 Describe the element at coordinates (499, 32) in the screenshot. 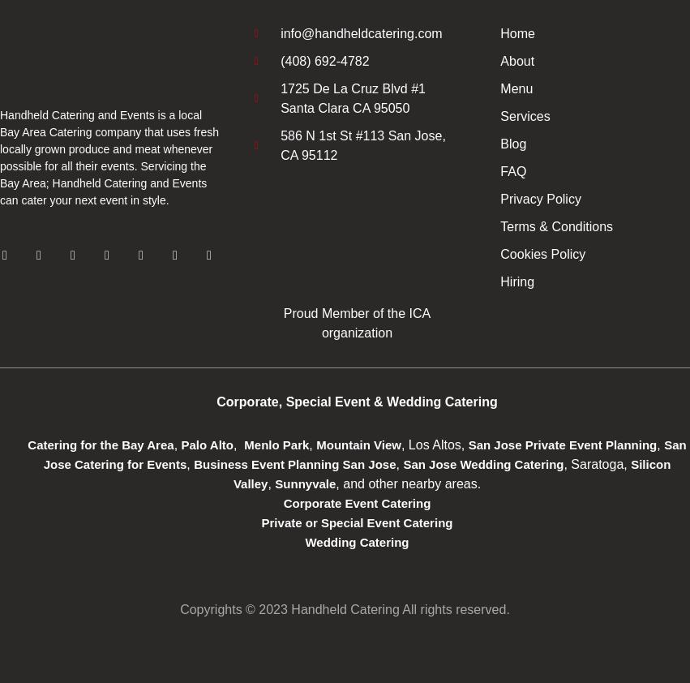

I see `'Home'` at that location.